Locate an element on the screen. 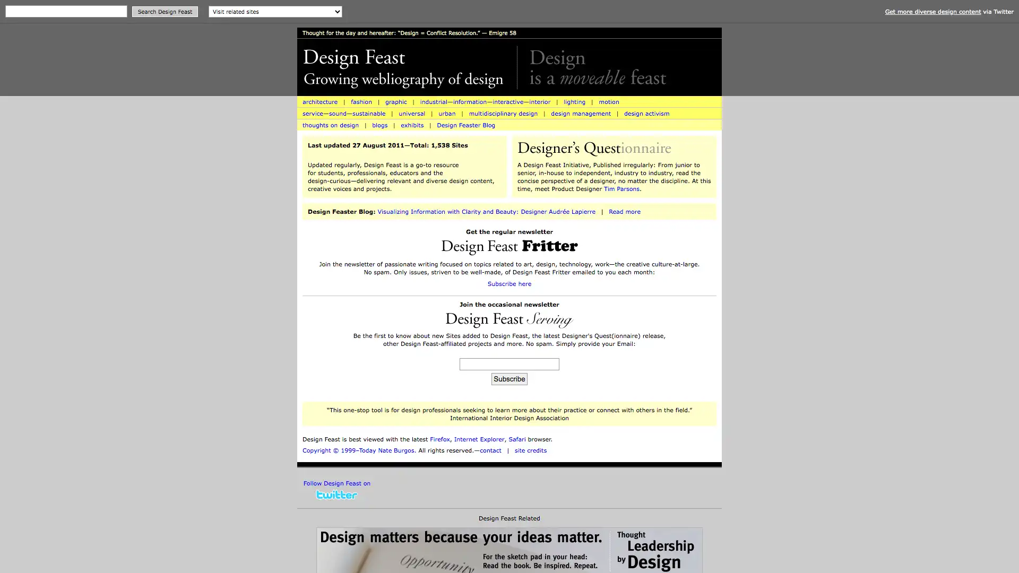 The image size is (1019, 573). Search Design Feast is located at coordinates (165, 12).